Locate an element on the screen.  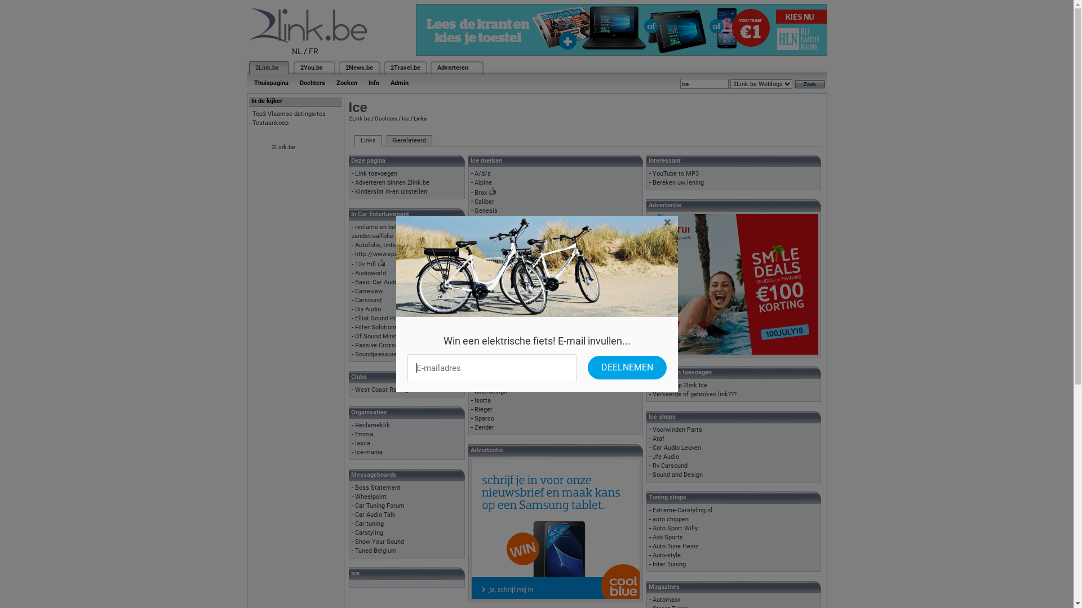
'2You.be' is located at coordinates (311, 68).